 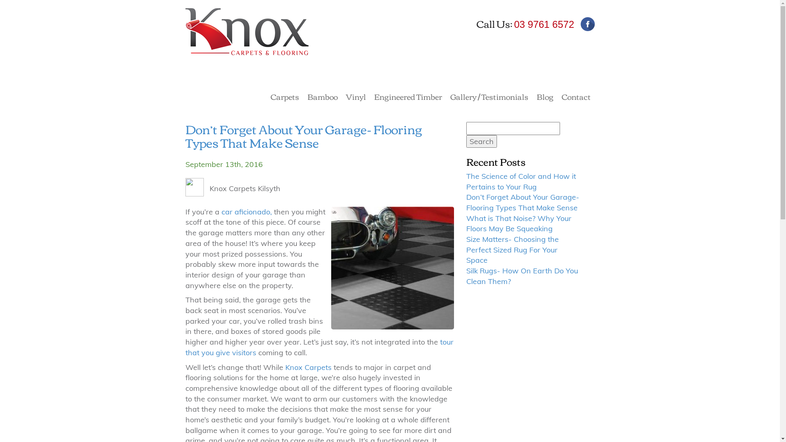 What do you see at coordinates (466, 249) in the screenshot?
I see `'Size Matters- Choosing the Perfect Sized Rug For Your Space'` at bounding box center [466, 249].